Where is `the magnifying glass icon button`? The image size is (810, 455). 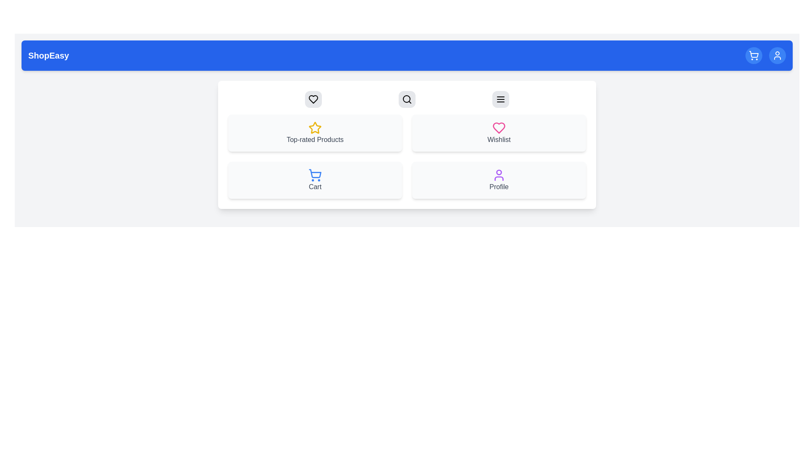
the magnifying glass icon button is located at coordinates (407, 99).